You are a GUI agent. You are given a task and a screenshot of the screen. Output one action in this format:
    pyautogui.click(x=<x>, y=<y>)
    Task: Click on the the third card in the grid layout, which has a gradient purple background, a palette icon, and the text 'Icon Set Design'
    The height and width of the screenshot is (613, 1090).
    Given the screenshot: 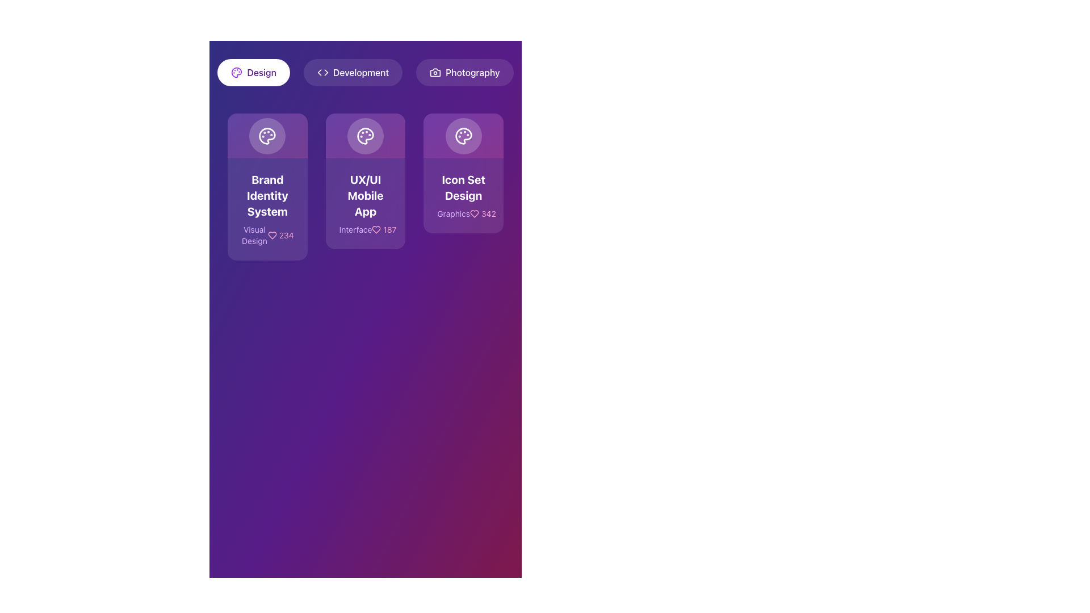 What is the action you would take?
    pyautogui.click(x=463, y=186)
    